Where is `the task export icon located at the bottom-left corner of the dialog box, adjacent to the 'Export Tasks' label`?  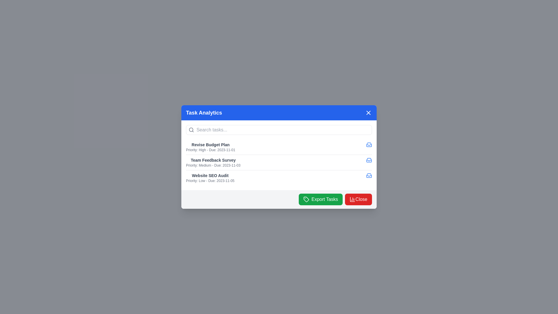
the task export icon located at the bottom-left corner of the dialog box, adjacent to the 'Export Tasks' label is located at coordinates (306, 199).